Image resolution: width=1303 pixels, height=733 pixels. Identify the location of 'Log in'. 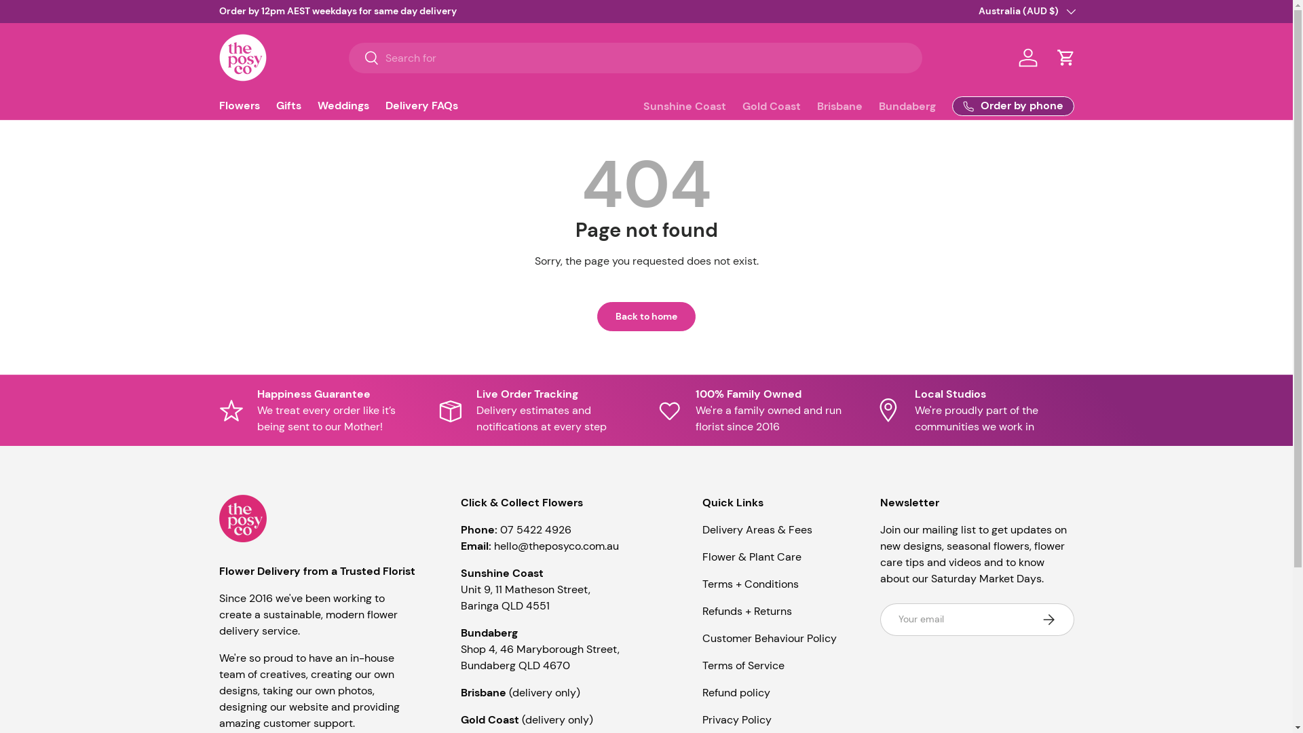
(1027, 56).